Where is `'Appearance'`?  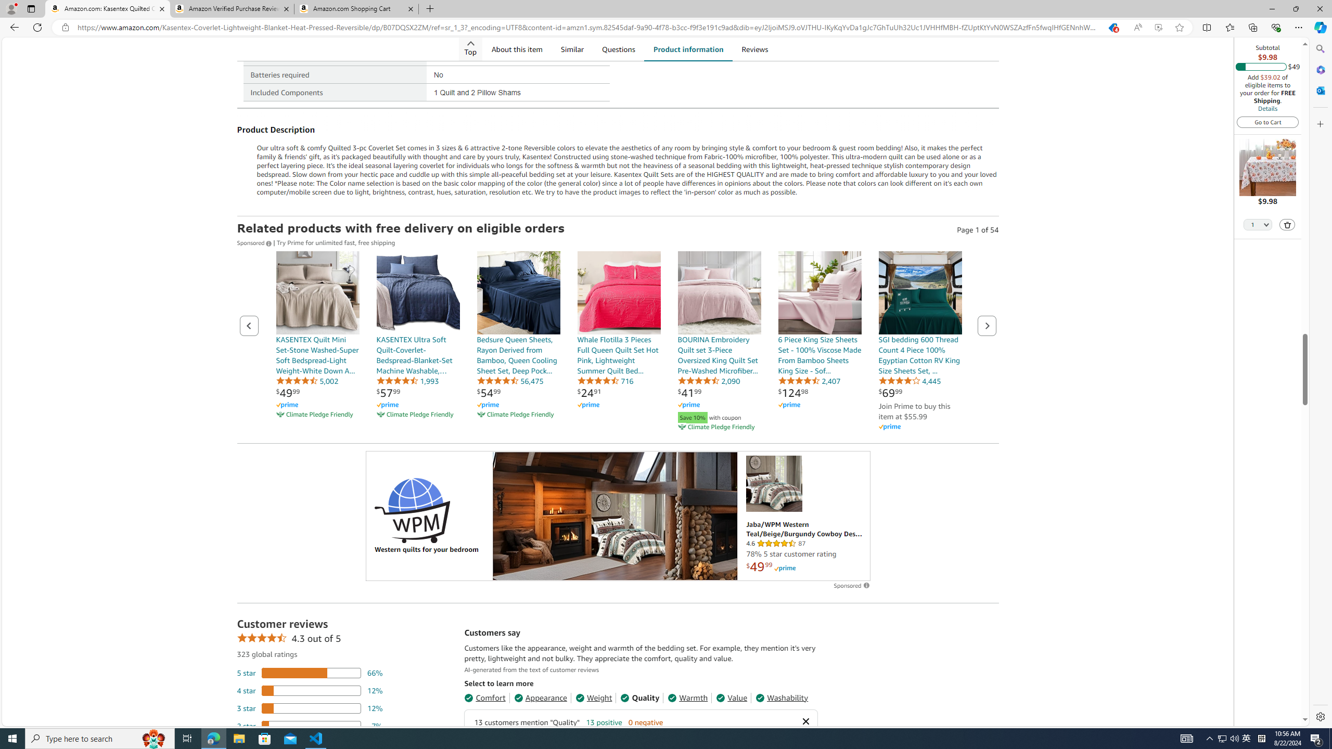
'Appearance' is located at coordinates (541, 697).